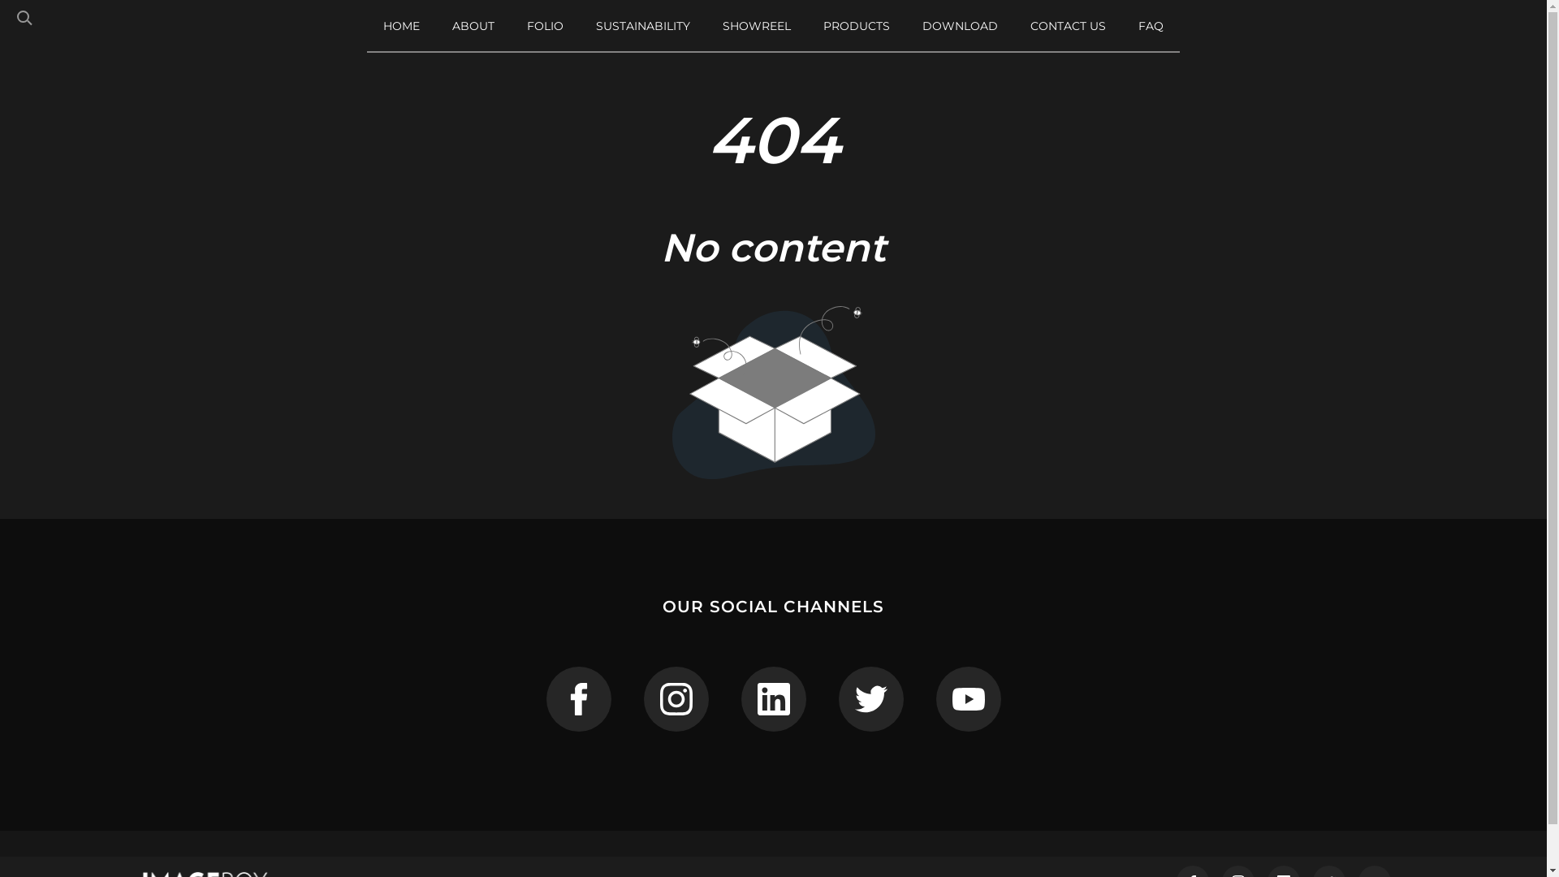 The height and width of the screenshot is (877, 1559). What do you see at coordinates (1150, 26) in the screenshot?
I see `'FAQ'` at bounding box center [1150, 26].